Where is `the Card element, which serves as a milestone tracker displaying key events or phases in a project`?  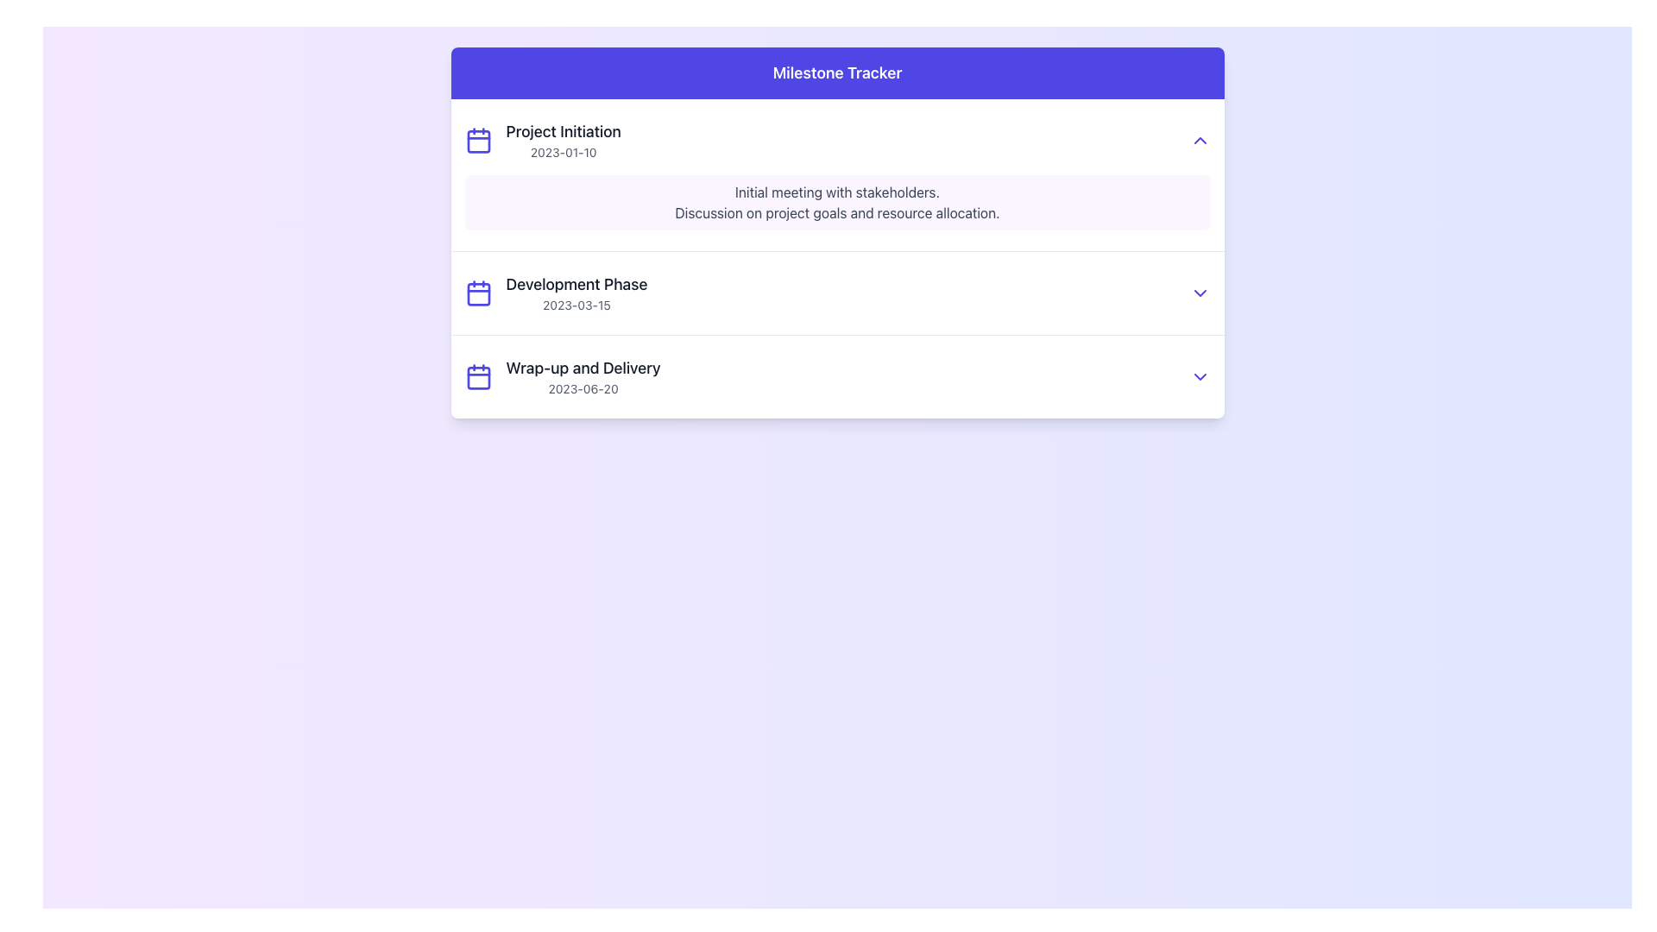
the Card element, which serves as a milestone tracker displaying key events or phases in a project is located at coordinates (837, 233).